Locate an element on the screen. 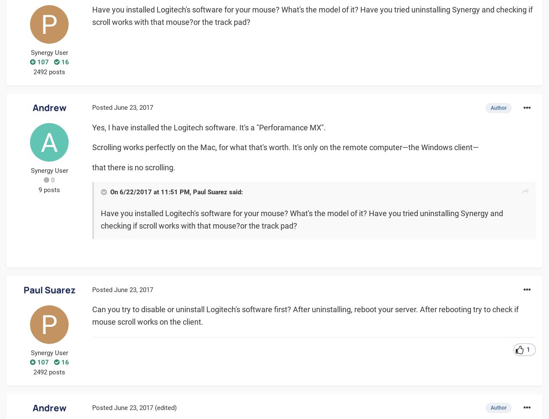  '0' is located at coordinates (51, 180).